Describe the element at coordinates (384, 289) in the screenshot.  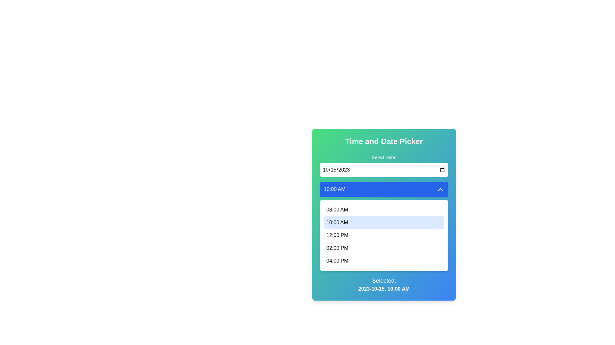
I see `the Text label that displays the currently selected date and time in the date picker interface, located below the dropdown menu and beside the label 'Selected:'` at that location.